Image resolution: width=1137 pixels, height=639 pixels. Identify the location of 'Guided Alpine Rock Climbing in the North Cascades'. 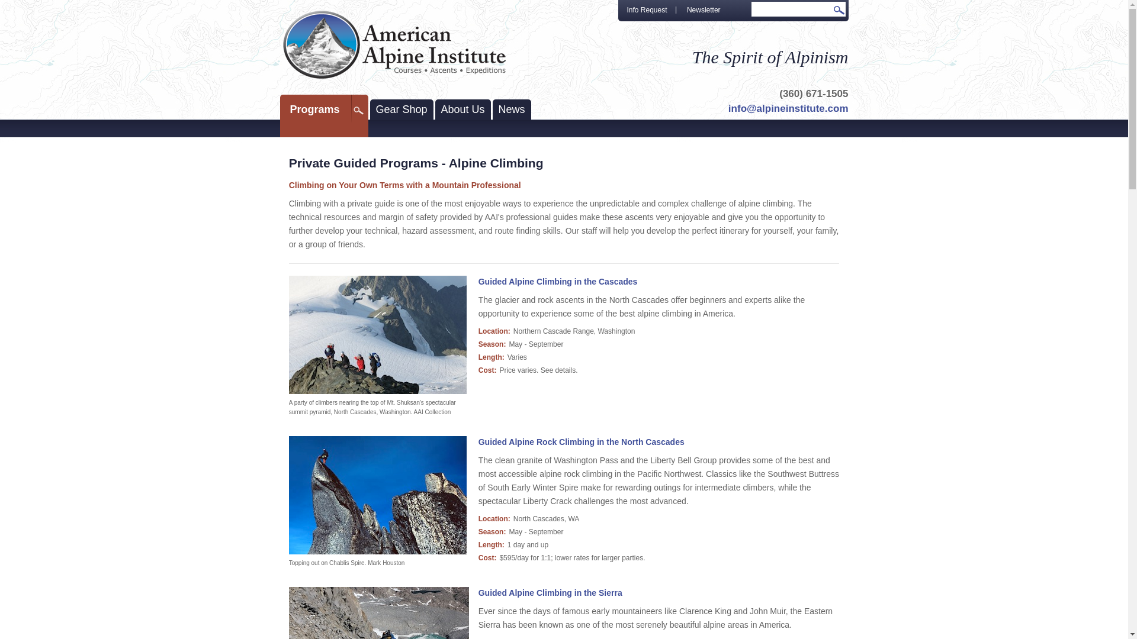
(582, 442).